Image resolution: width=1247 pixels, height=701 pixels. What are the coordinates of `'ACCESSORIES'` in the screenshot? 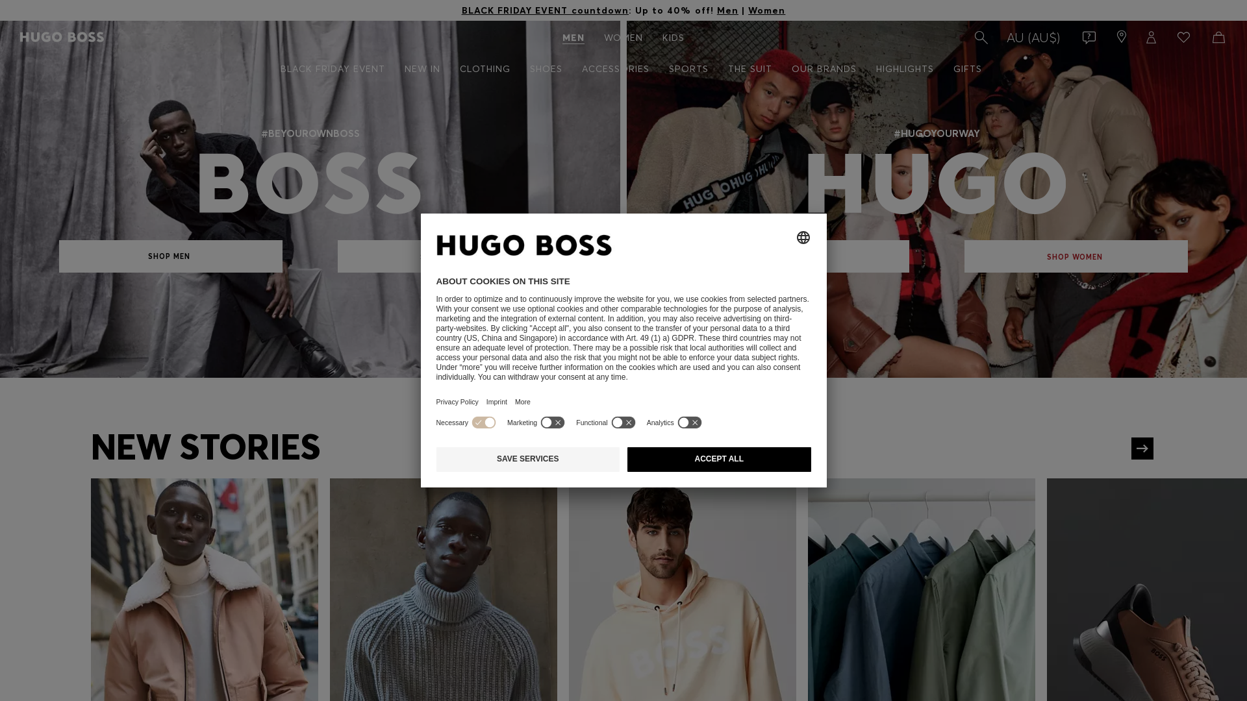 It's located at (614, 69).